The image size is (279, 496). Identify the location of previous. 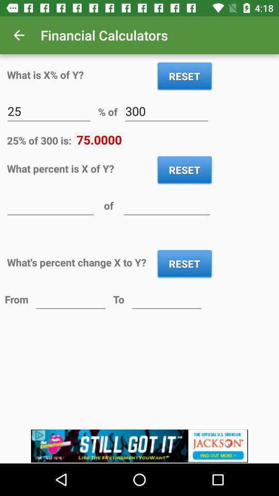
(70, 299).